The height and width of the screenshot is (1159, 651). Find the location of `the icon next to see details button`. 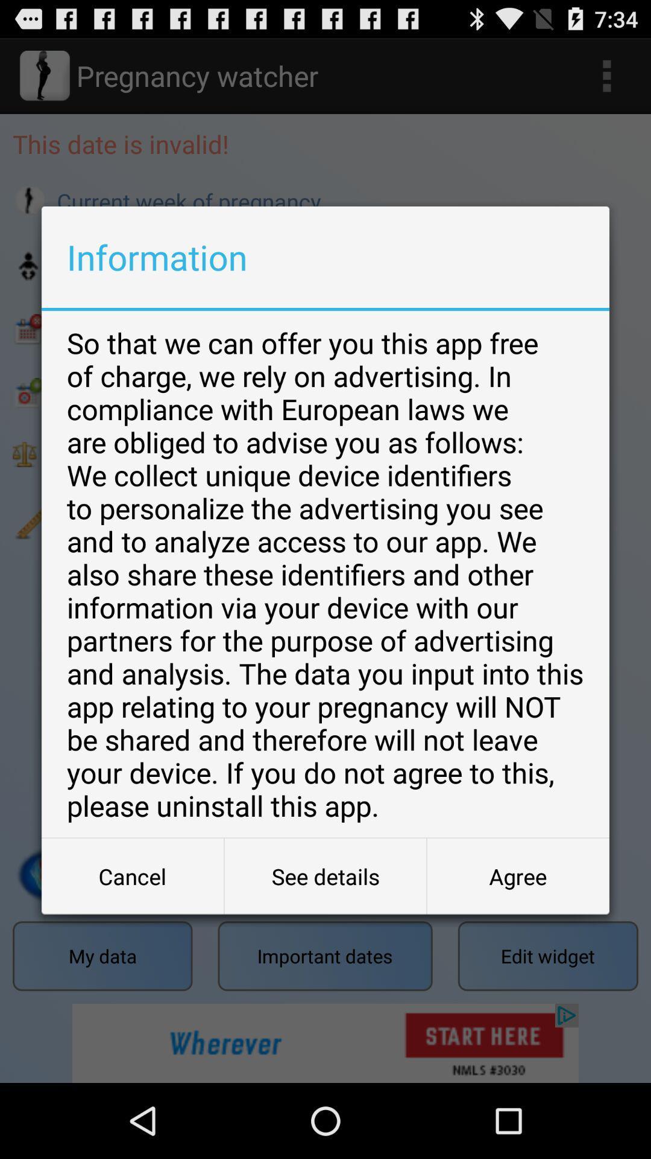

the icon next to see details button is located at coordinates (133, 876).